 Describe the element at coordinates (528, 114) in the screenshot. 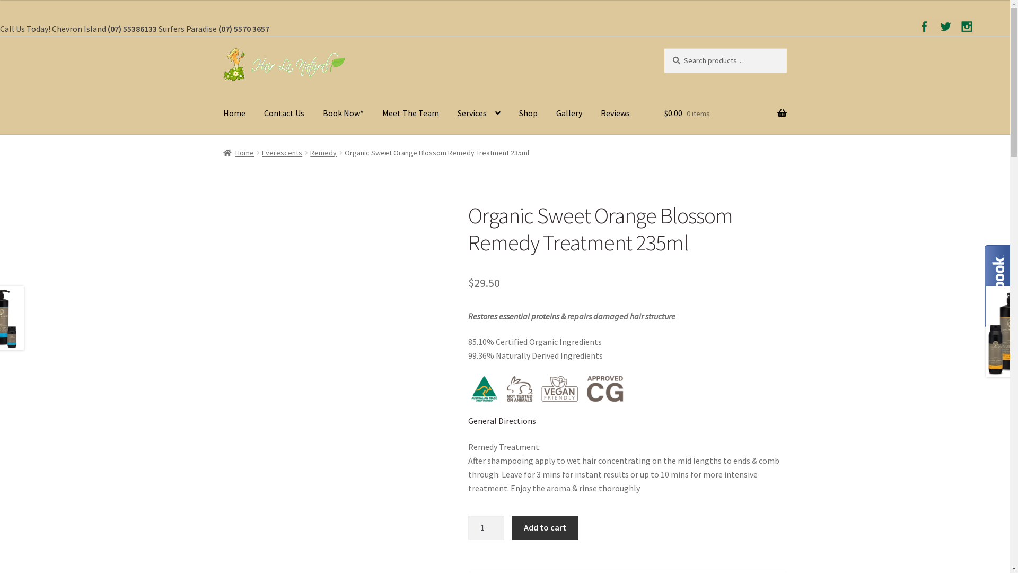

I see `'Shop'` at that location.